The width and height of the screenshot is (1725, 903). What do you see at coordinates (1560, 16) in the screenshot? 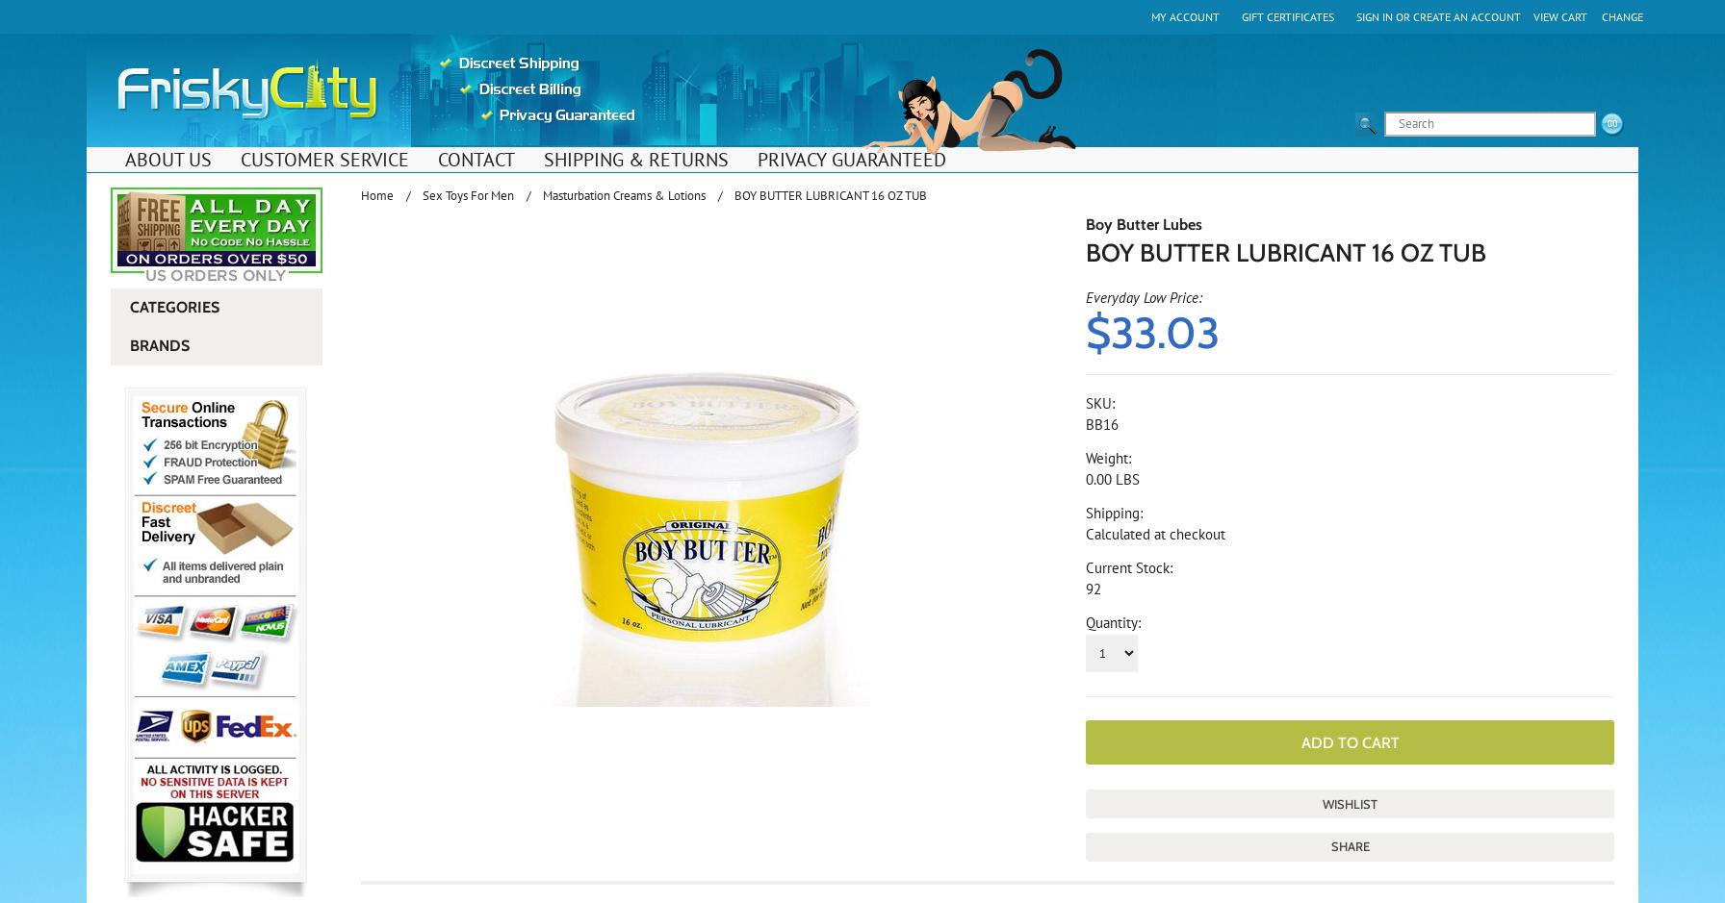
I see `'View Cart'` at bounding box center [1560, 16].